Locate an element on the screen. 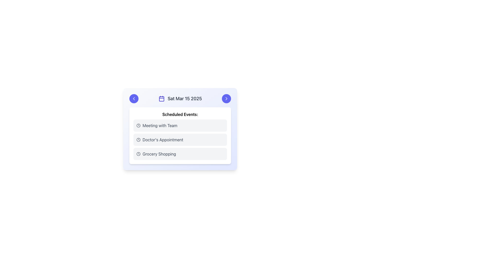 The width and height of the screenshot is (488, 274). the associated time by clicking on the leftmost icon next to the 'Grocery Shopping' text is located at coordinates (139, 153).